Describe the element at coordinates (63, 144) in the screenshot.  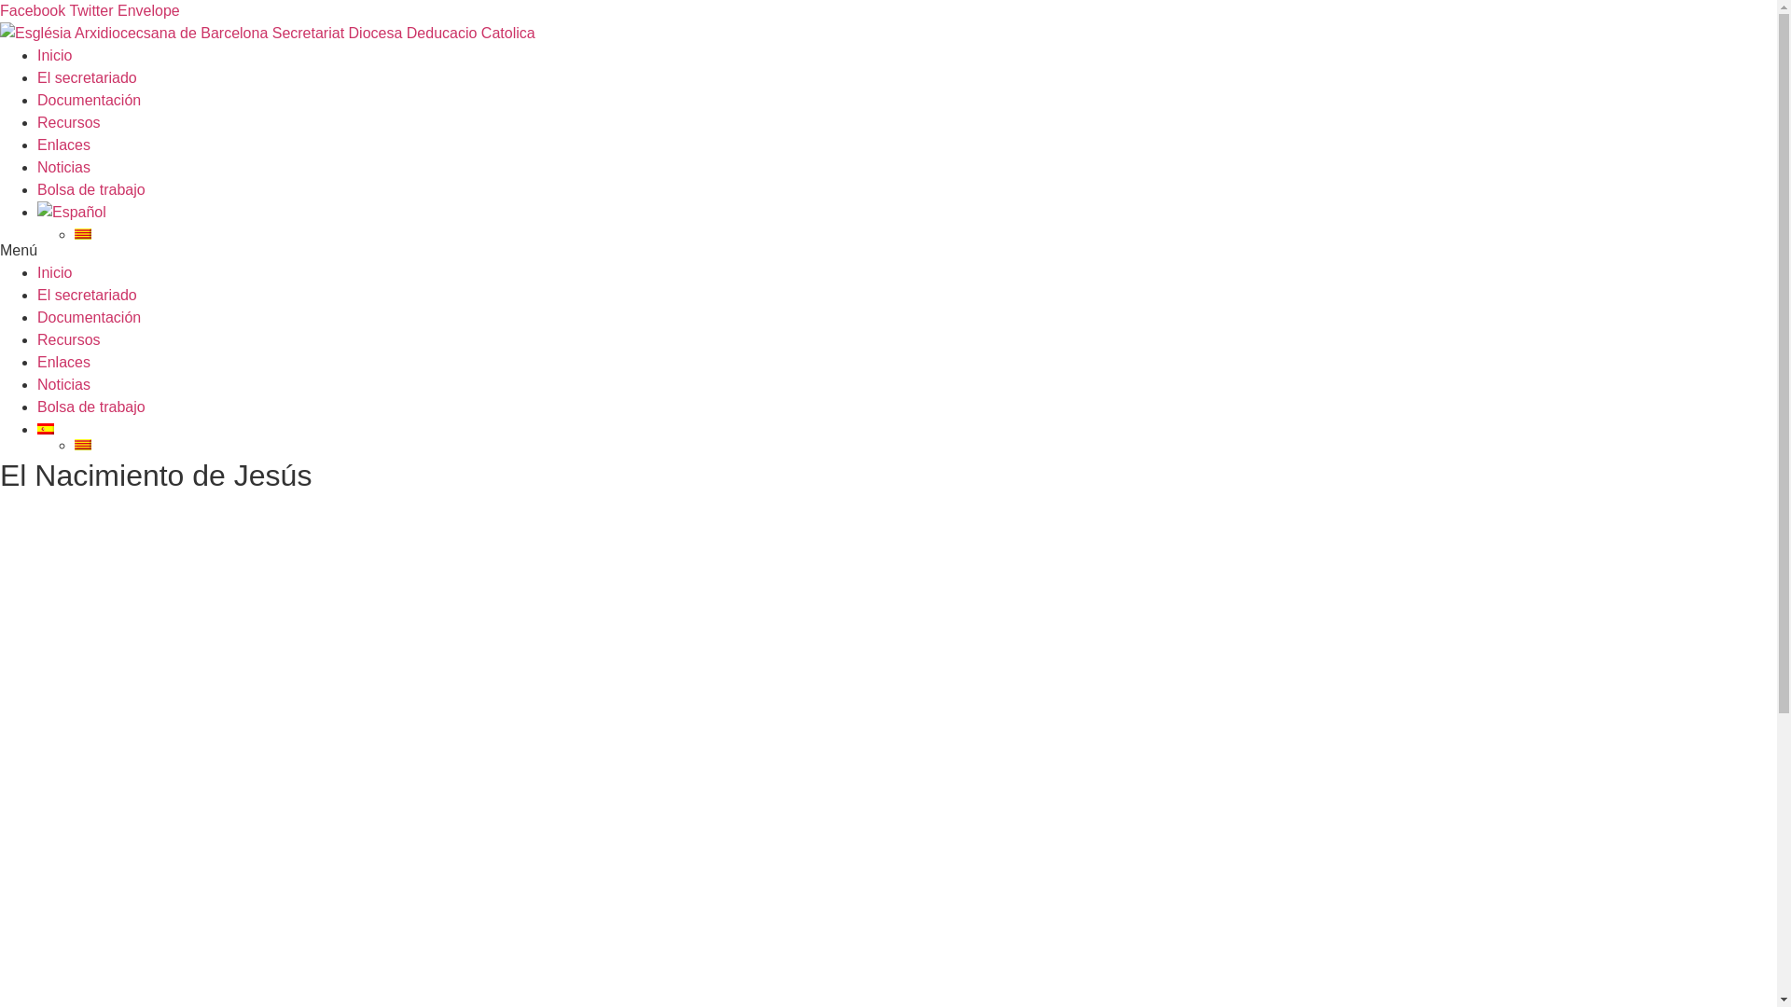
I see `'Enlaces'` at that location.